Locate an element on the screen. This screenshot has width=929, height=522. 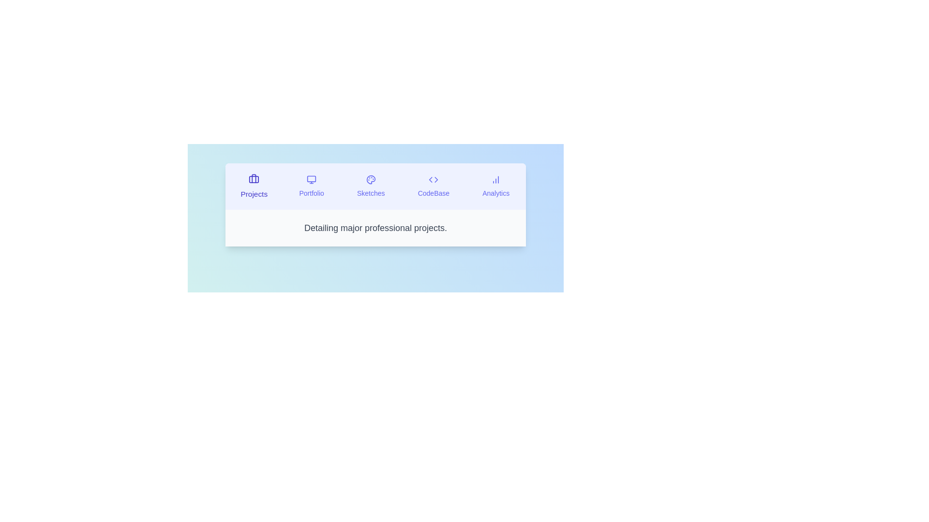
the tab labeled Projects is located at coordinates (254, 186).